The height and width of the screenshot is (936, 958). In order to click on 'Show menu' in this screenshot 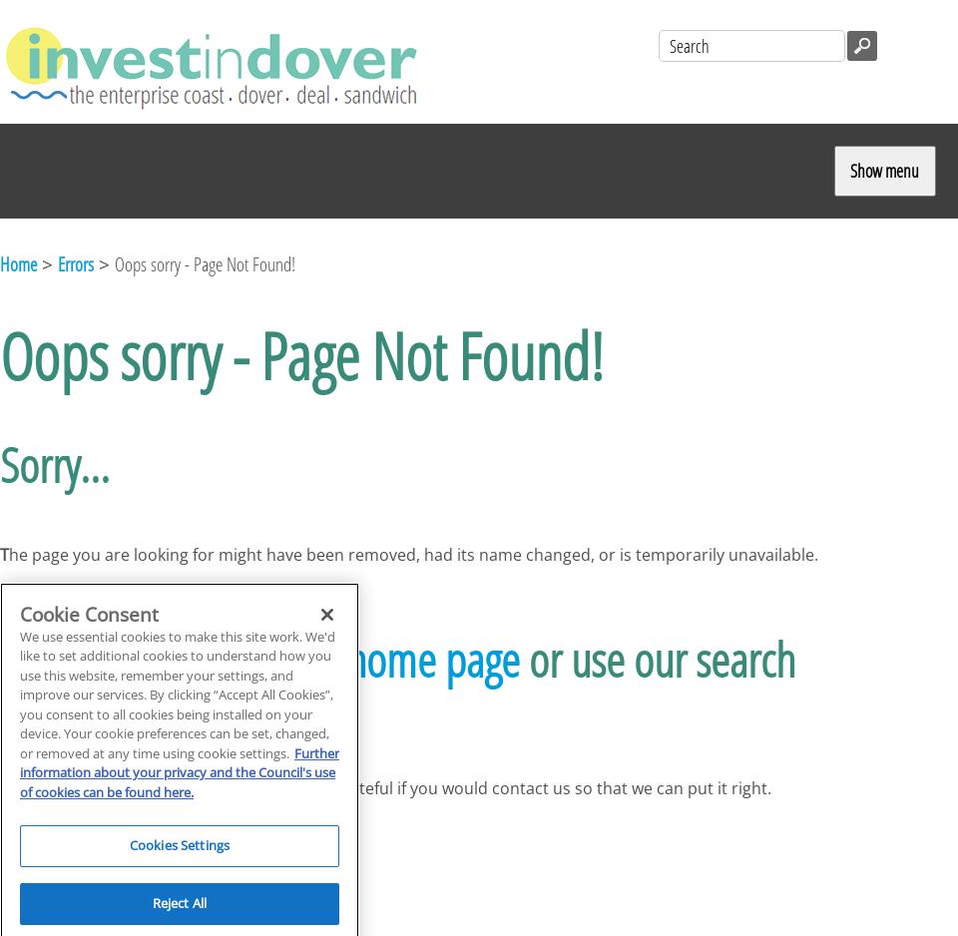, I will do `click(883, 168)`.